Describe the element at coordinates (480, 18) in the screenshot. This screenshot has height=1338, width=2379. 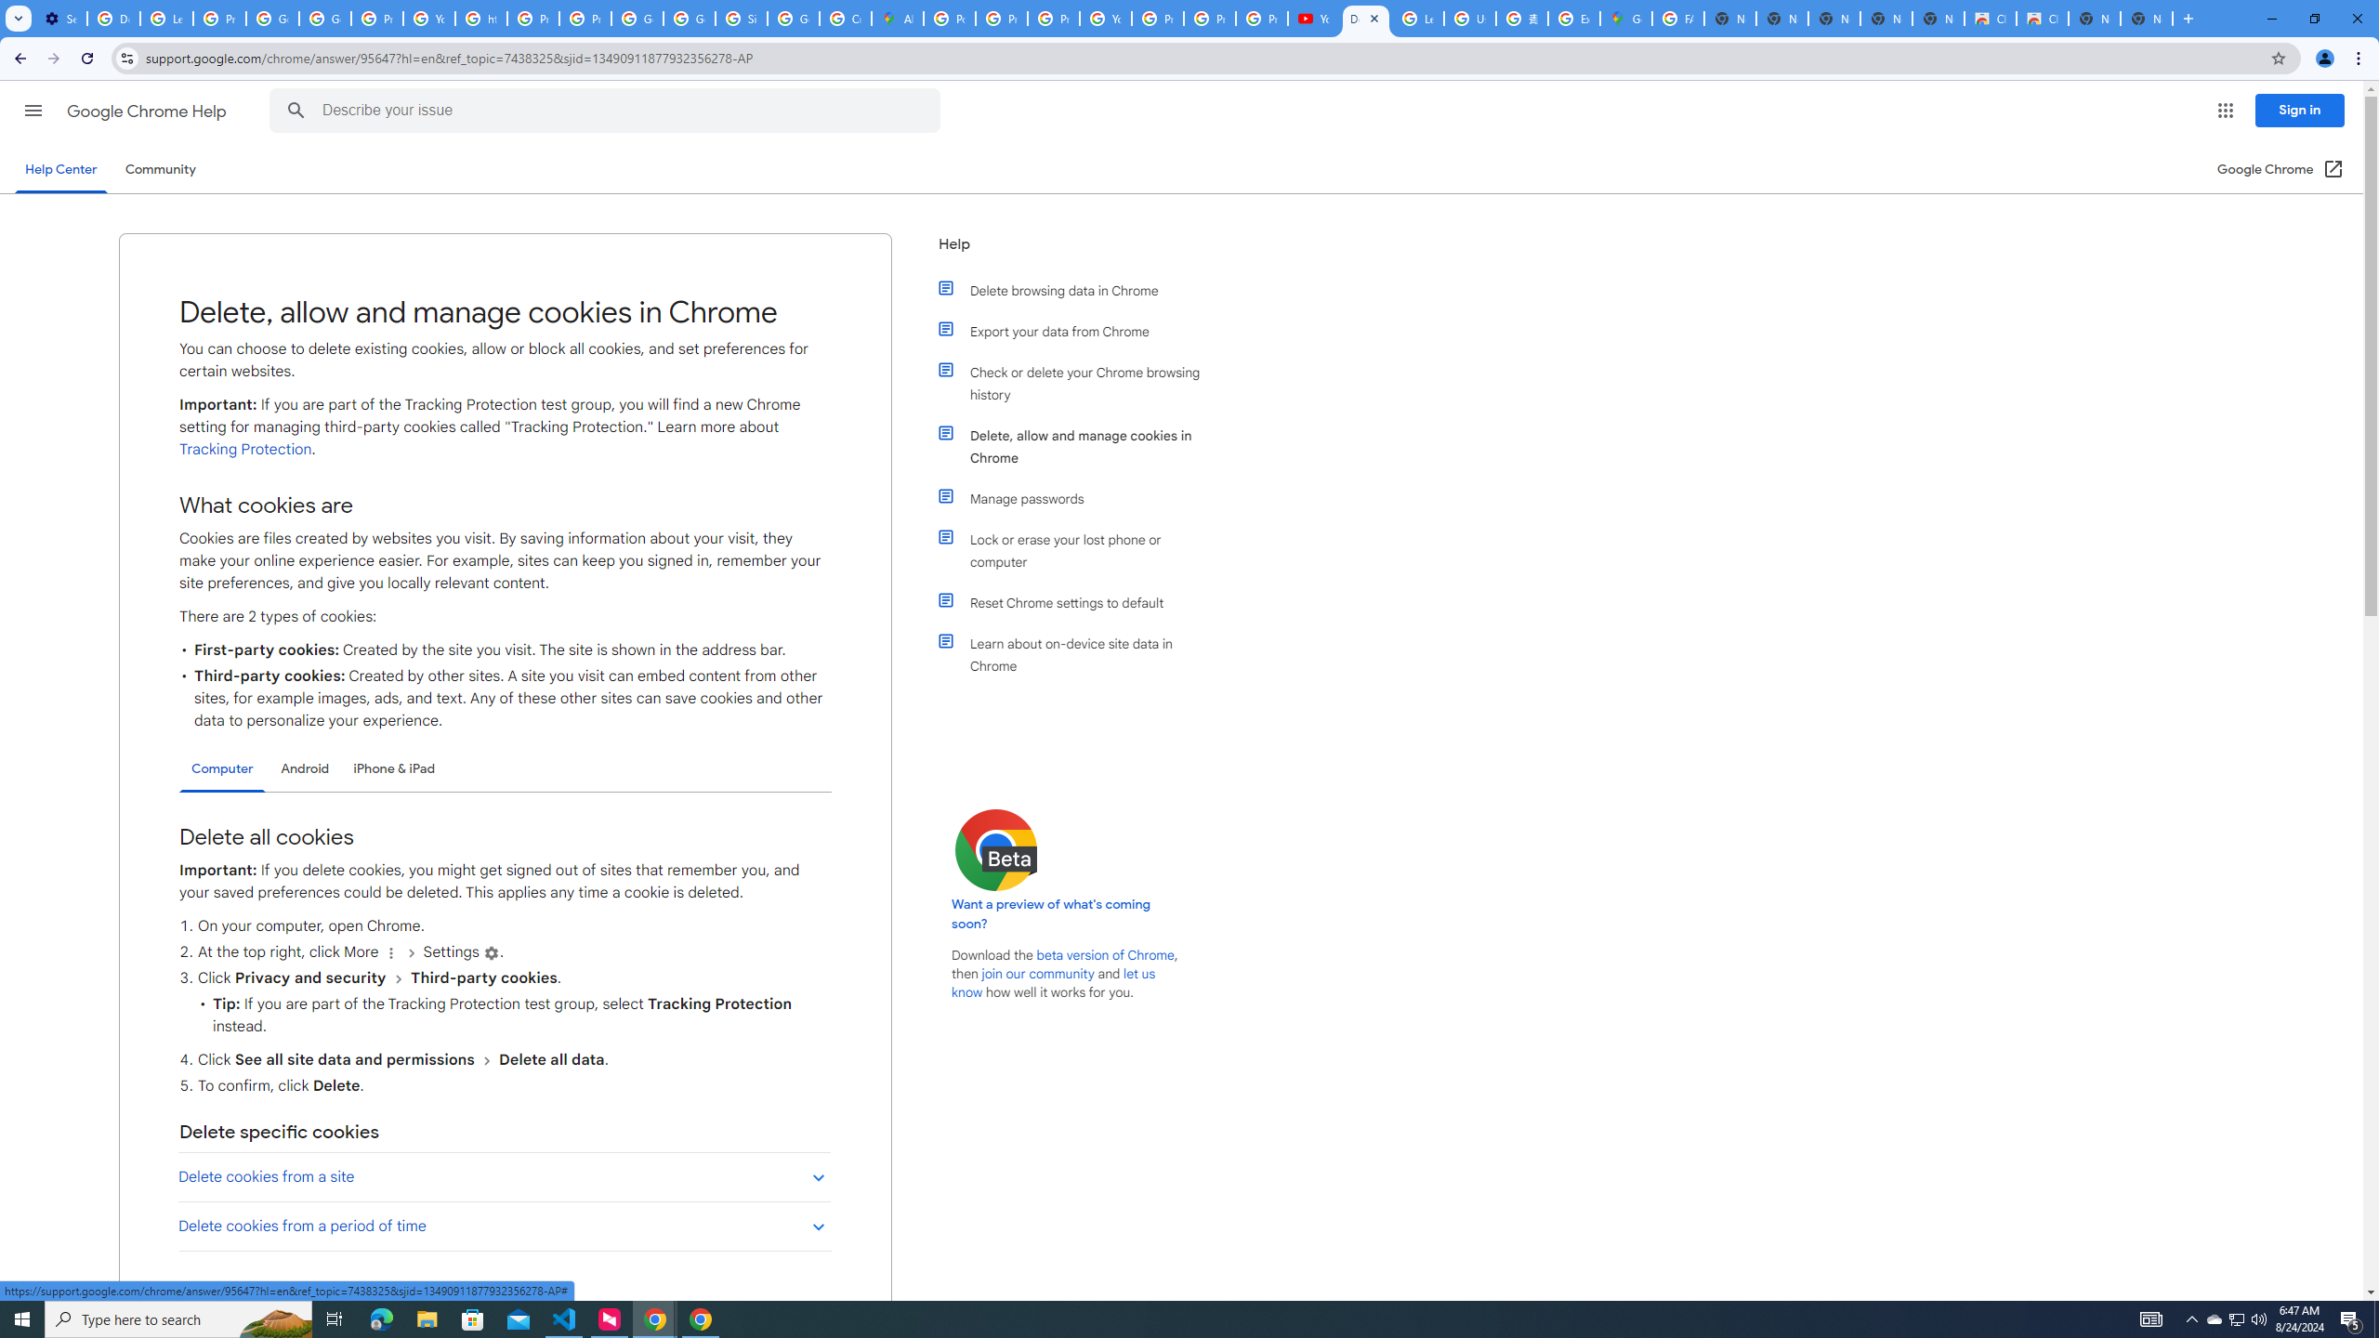
I see `'https://scholar.google.com/'` at that location.